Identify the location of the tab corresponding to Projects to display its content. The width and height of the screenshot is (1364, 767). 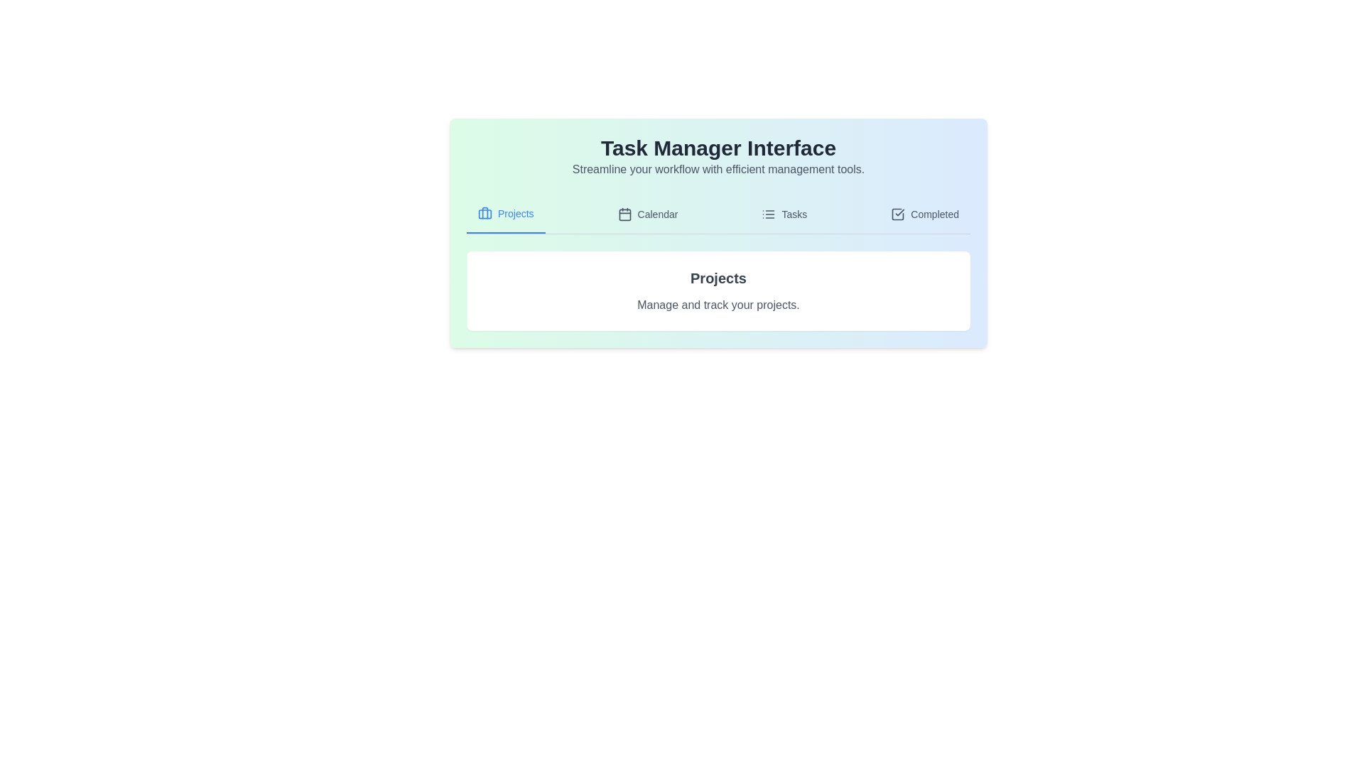
(505, 214).